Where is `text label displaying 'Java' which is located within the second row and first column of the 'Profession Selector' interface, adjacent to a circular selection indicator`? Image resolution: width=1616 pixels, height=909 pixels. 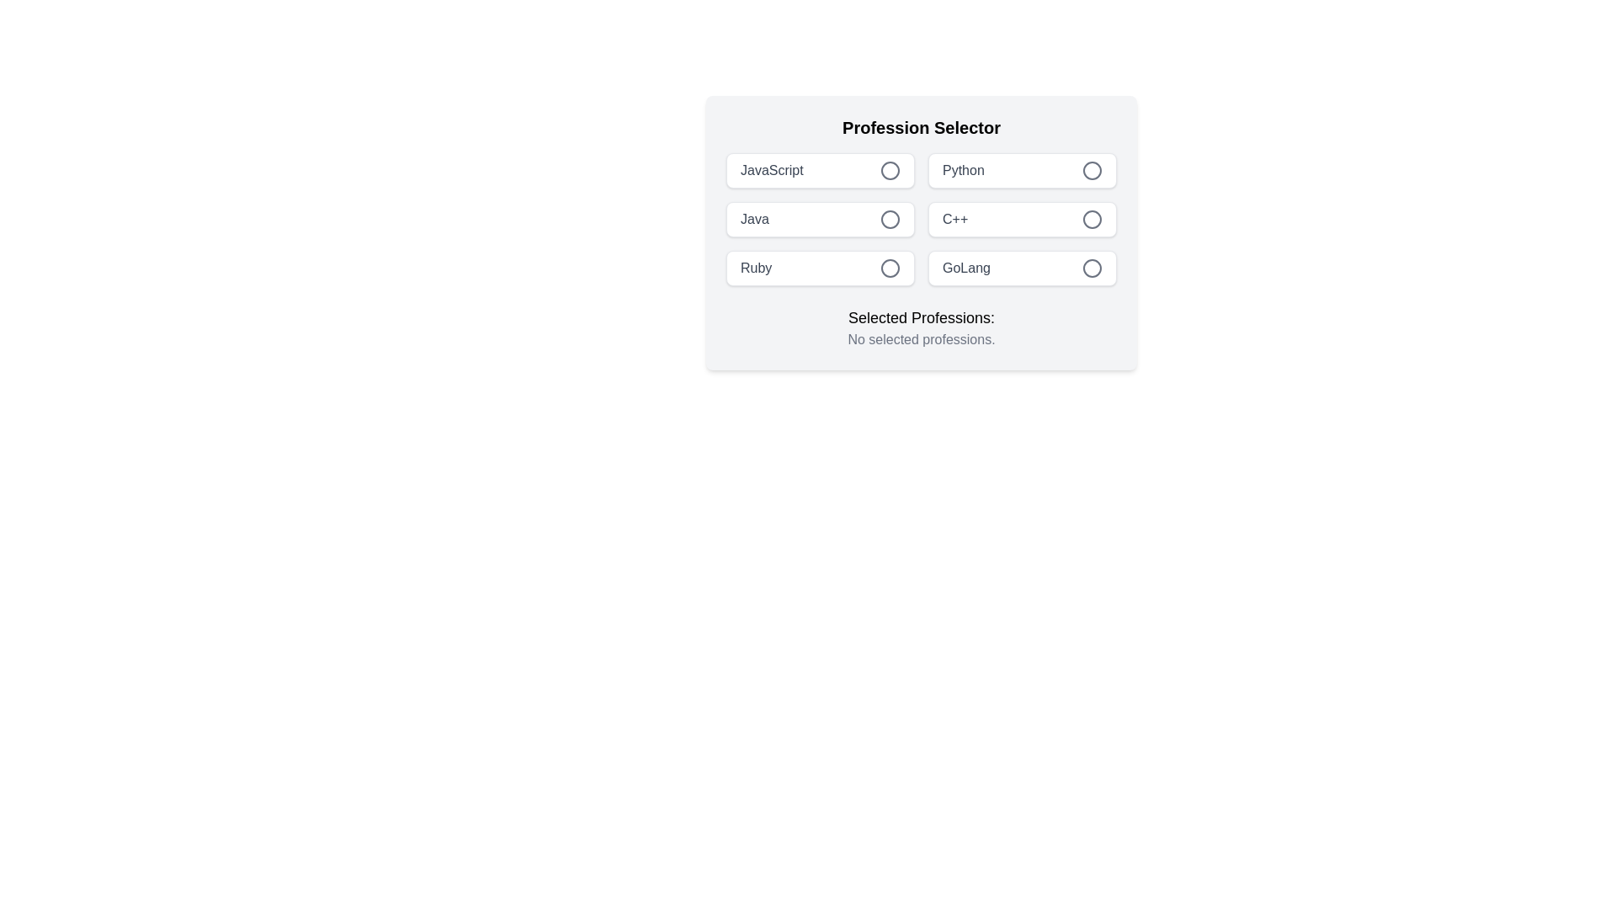
text label displaying 'Java' which is located within the second row and first column of the 'Profession Selector' interface, adjacent to a circular selection indicator is located at coordinates (753, 219).